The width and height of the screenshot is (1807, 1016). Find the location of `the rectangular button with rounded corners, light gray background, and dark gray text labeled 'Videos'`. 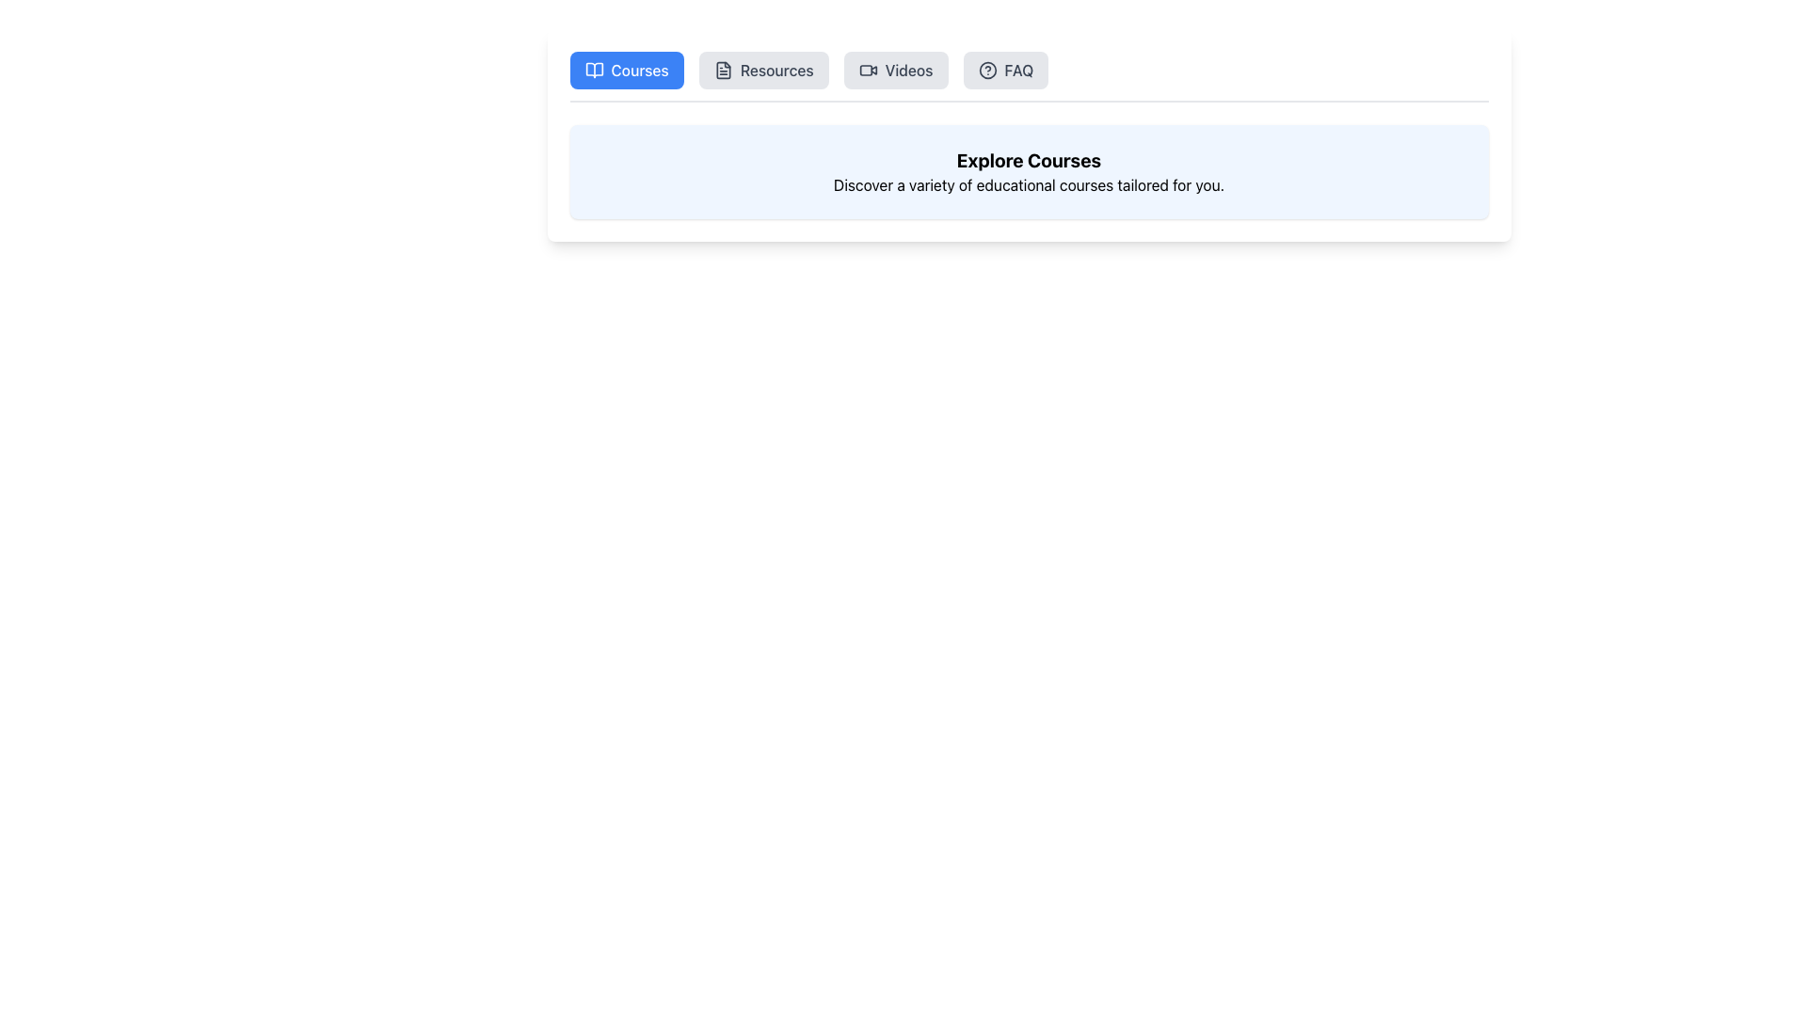

the rectangular button with rounded corners, light gray background, and dark gray text labeled 'Videos' is located at coordinates (895, 69).